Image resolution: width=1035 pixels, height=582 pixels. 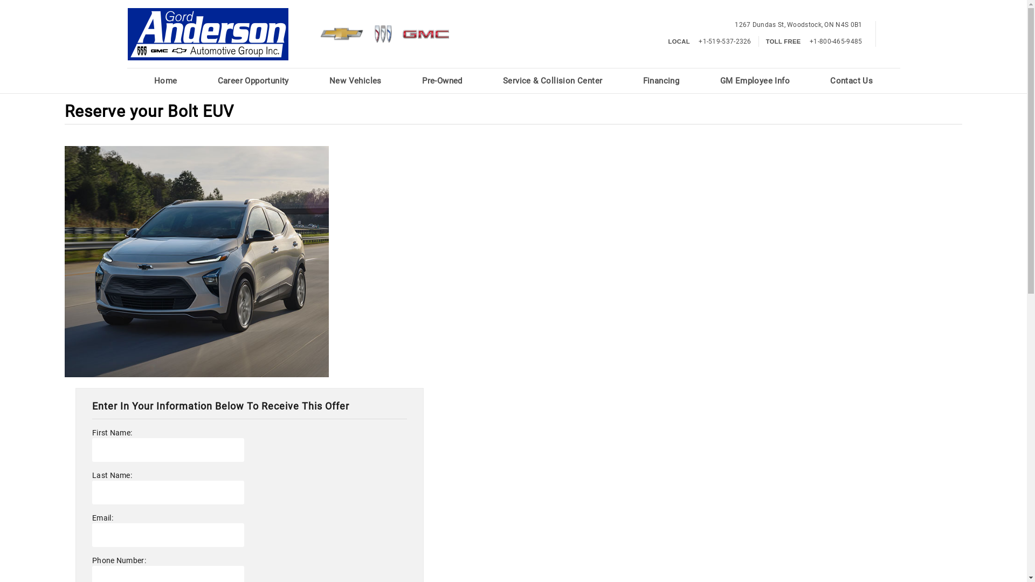 What do you see at coordinates (553, 80) in the screenshot?
I see `'Service & Collision Center'` at bounding box center [553, 80].